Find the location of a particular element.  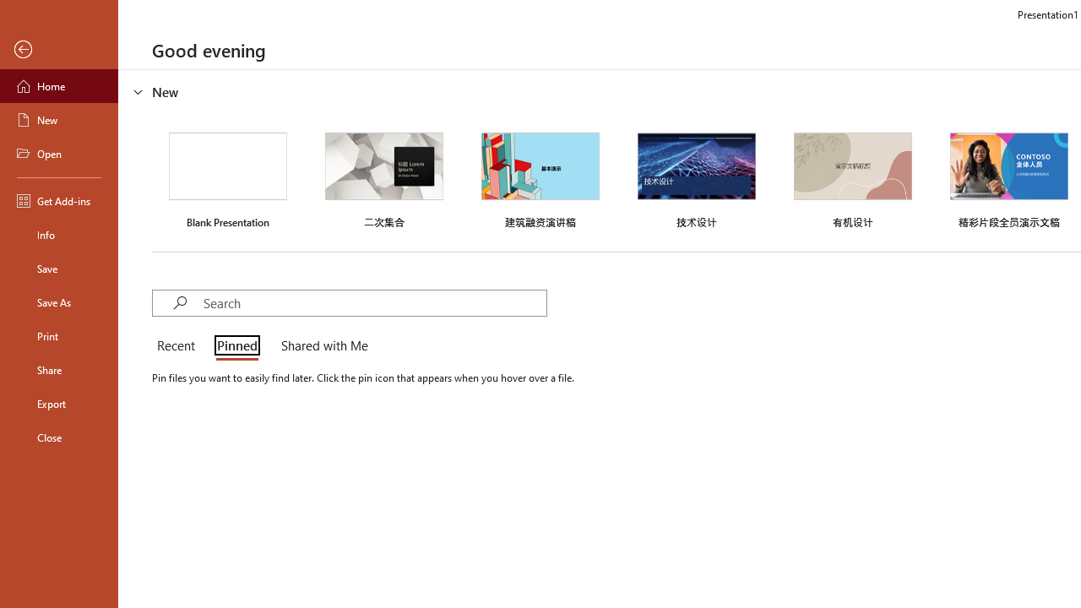

'Print' is located at coordinates (58, 336).